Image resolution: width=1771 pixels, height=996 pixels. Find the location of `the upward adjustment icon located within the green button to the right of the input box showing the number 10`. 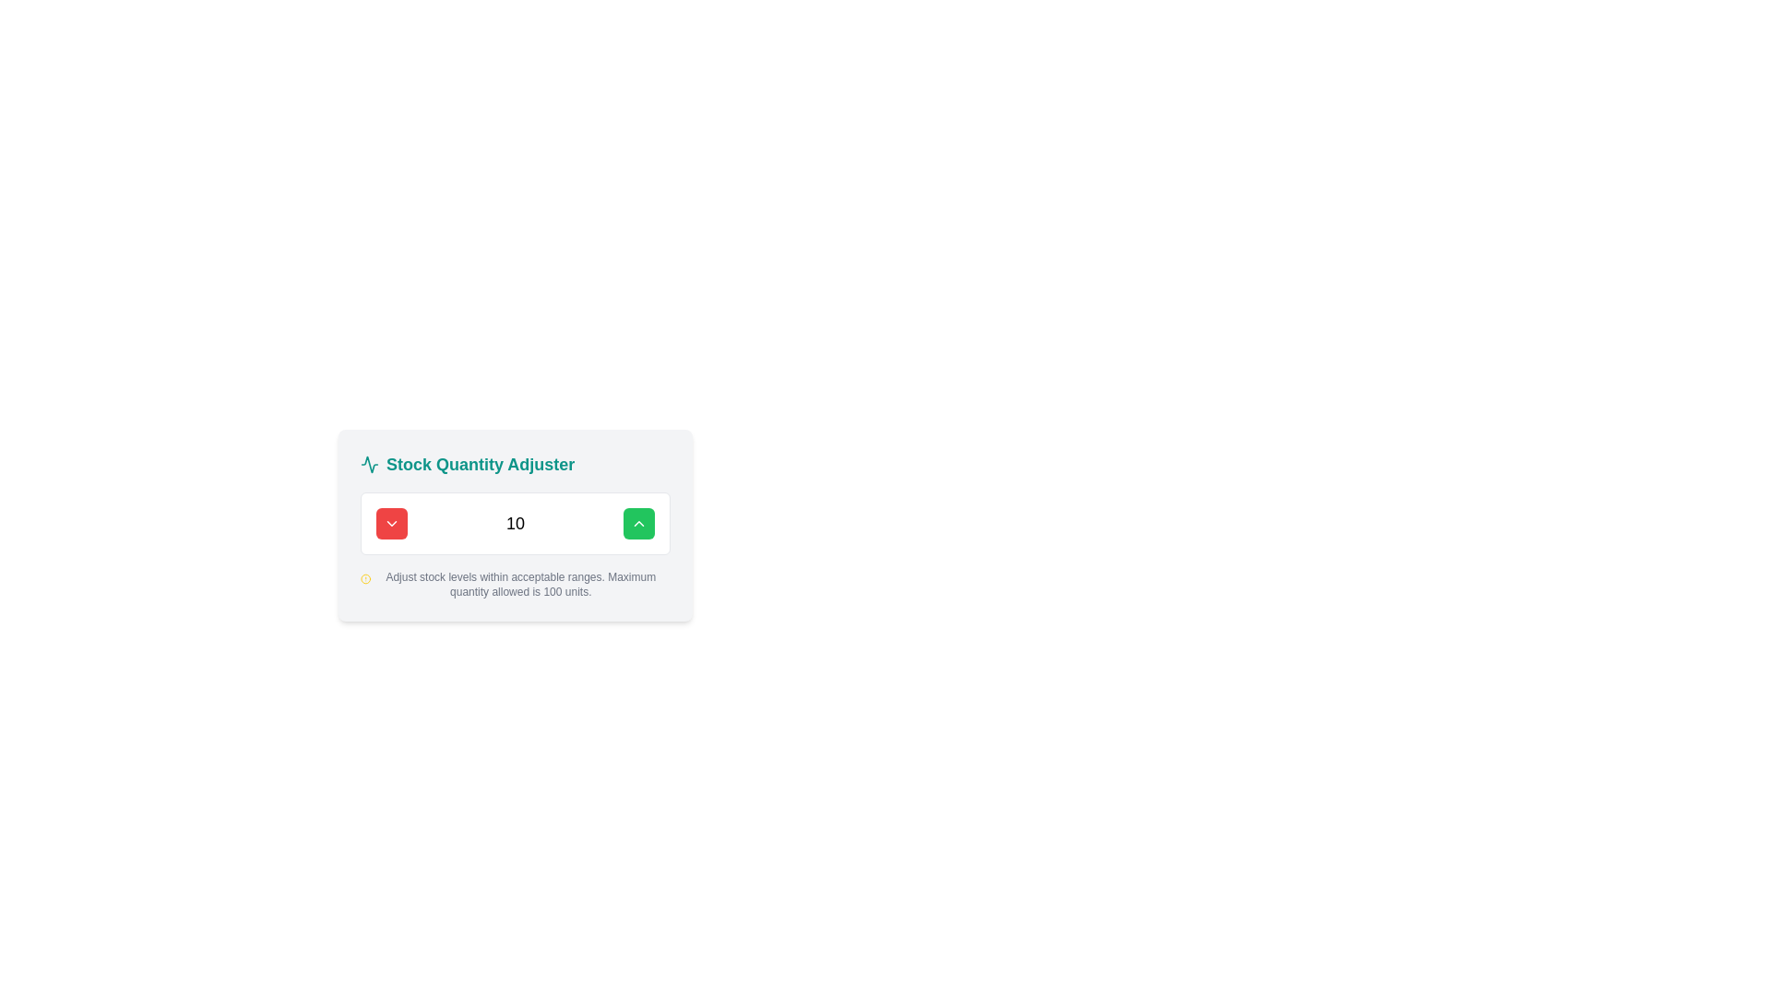

the upward adjustment icon located within the green button to the right of the input box showing the number 10 is located at coordinates (638, 523).